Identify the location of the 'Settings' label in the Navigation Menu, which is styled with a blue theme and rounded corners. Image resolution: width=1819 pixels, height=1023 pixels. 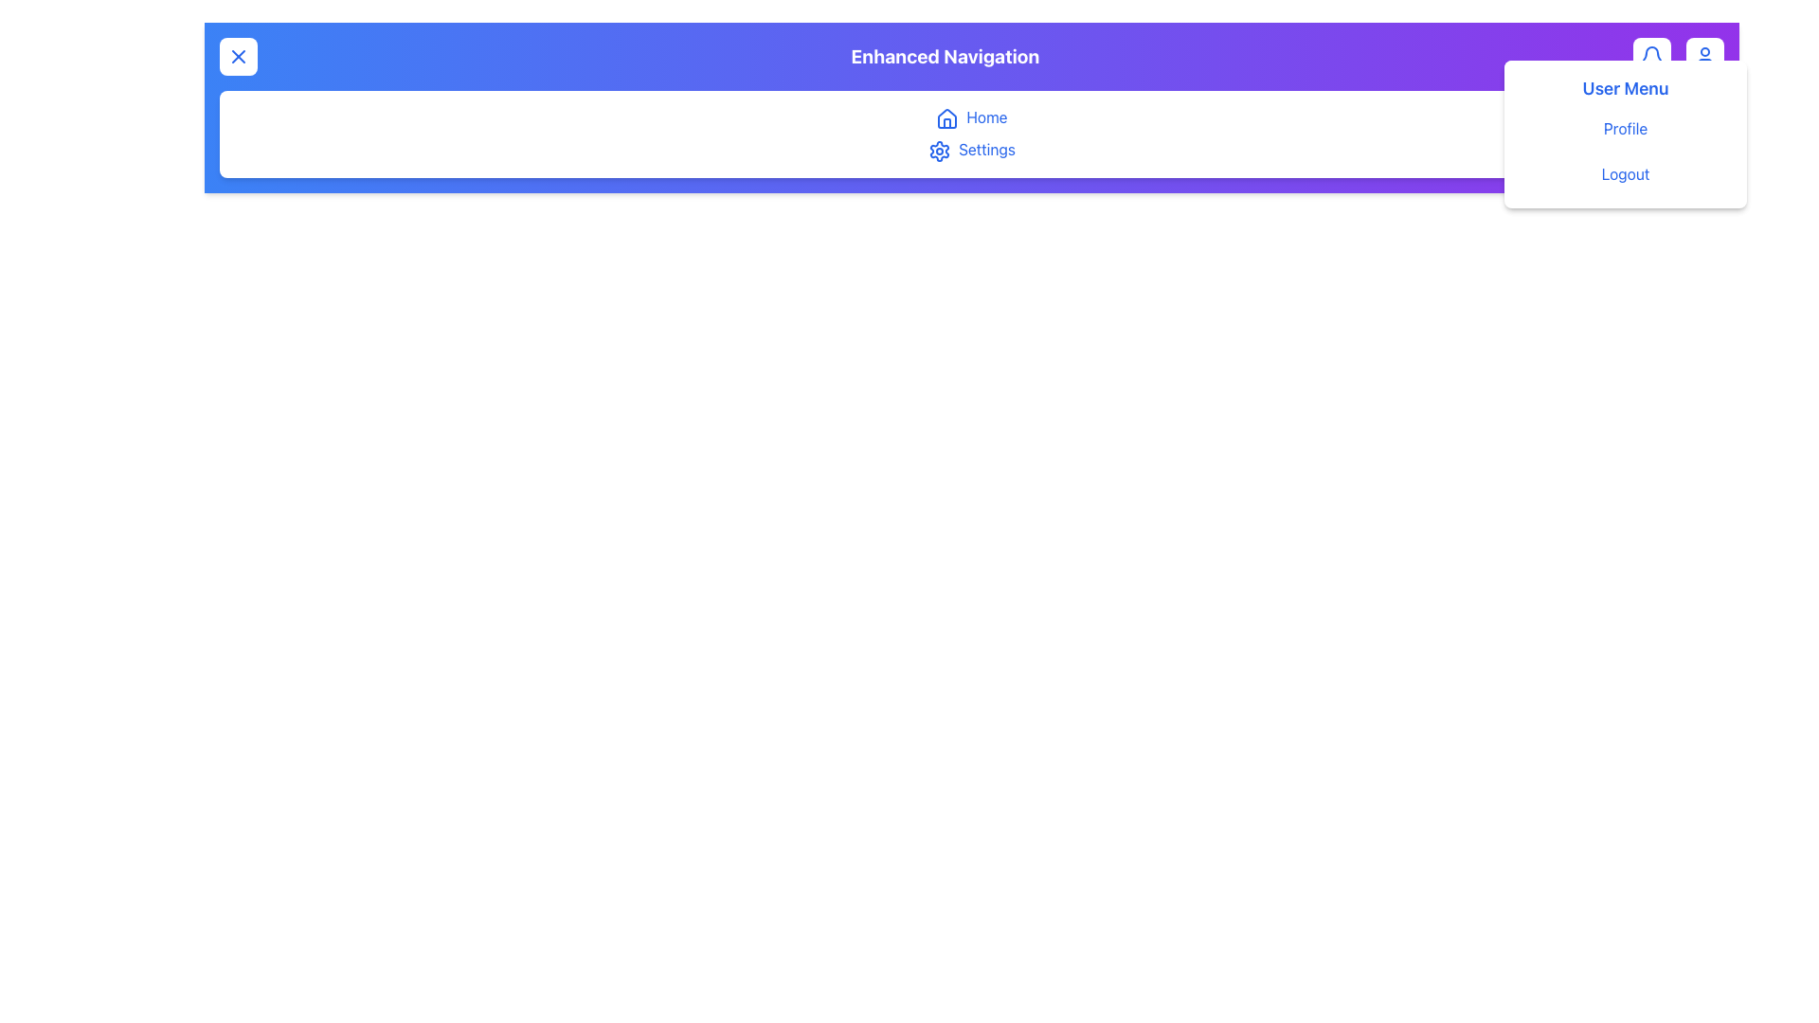
(972, 133).